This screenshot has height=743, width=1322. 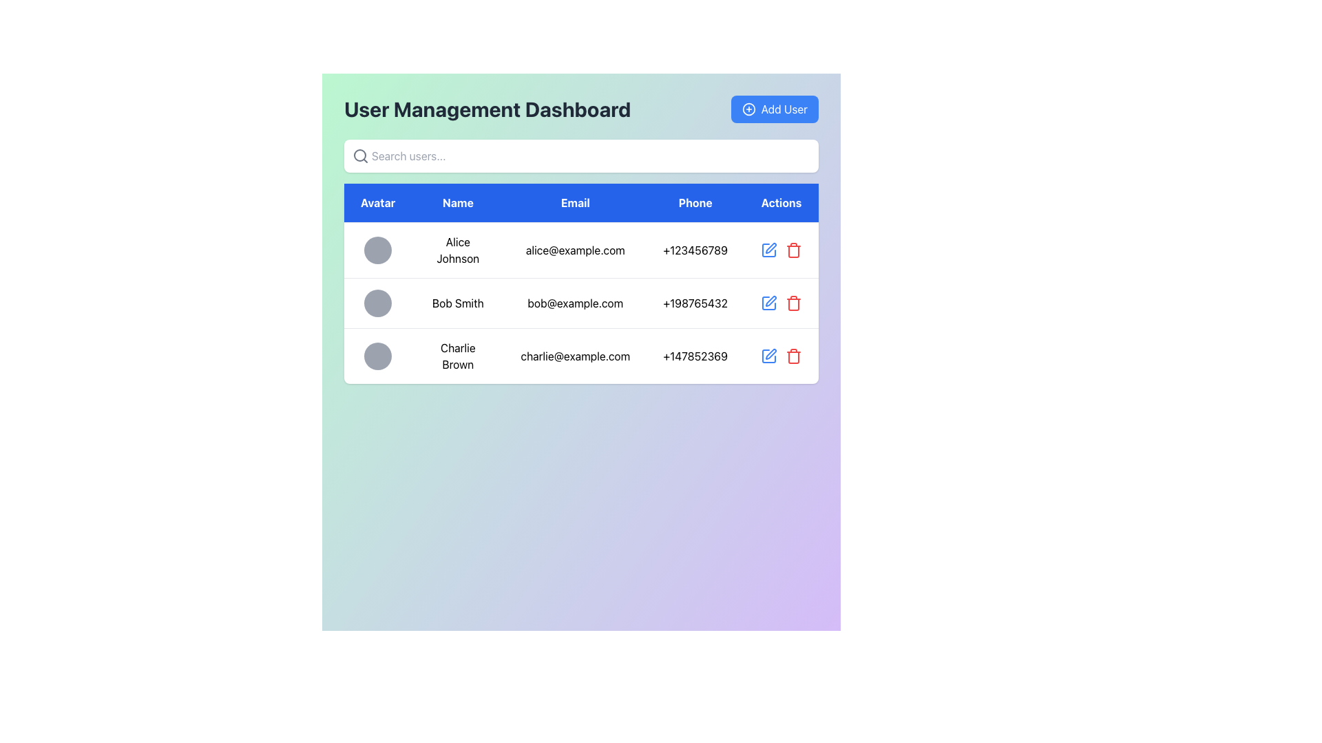 I want to click on the email field of the first row in the user data table displaying user data for 'Alice Johnson' to copy the email address, so click(x=581, y=250).